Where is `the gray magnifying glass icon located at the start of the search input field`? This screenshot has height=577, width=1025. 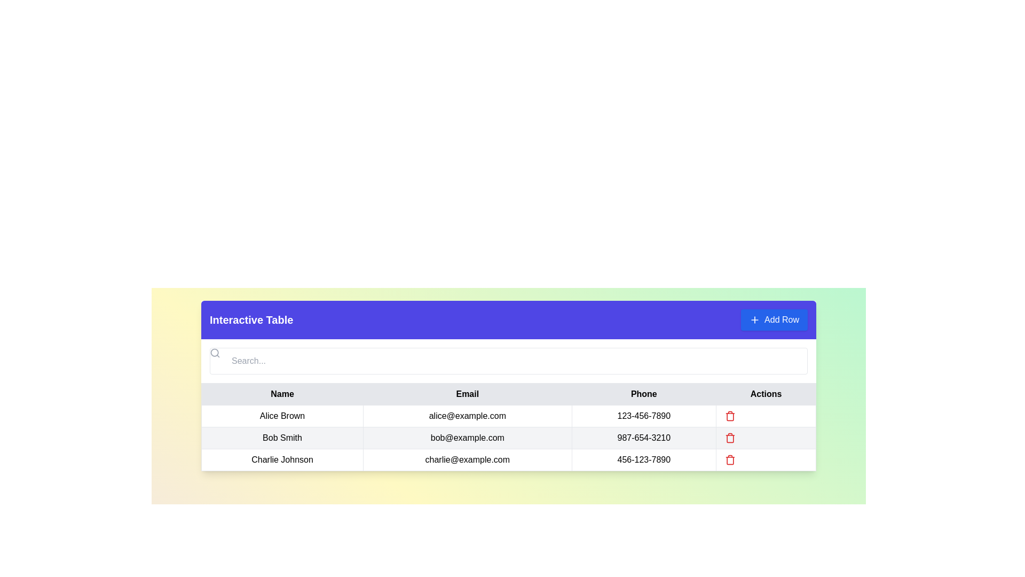 the gray magnifying glass icon located at the start of the search input field is located at coordinates (215, 353).